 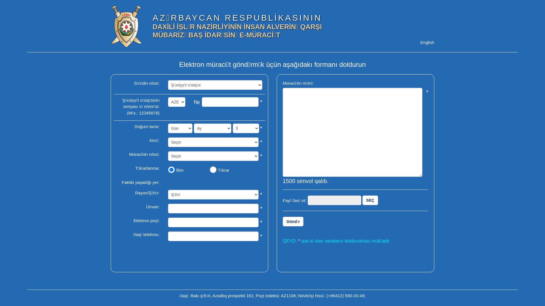 What do you see at coordinates (427, 42) in the screenshot?
I see `'English'` at bounding box center [427, 42].